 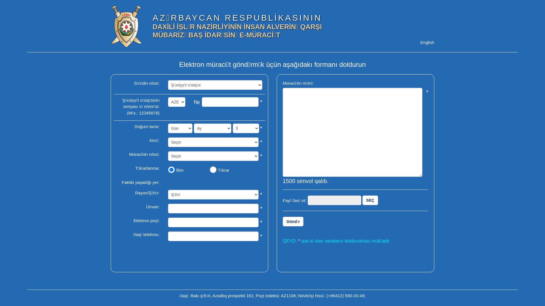 What do you see at coordinates (427, 42) in the screenshot?
I see `'English'` at bounding box center [427, 42].